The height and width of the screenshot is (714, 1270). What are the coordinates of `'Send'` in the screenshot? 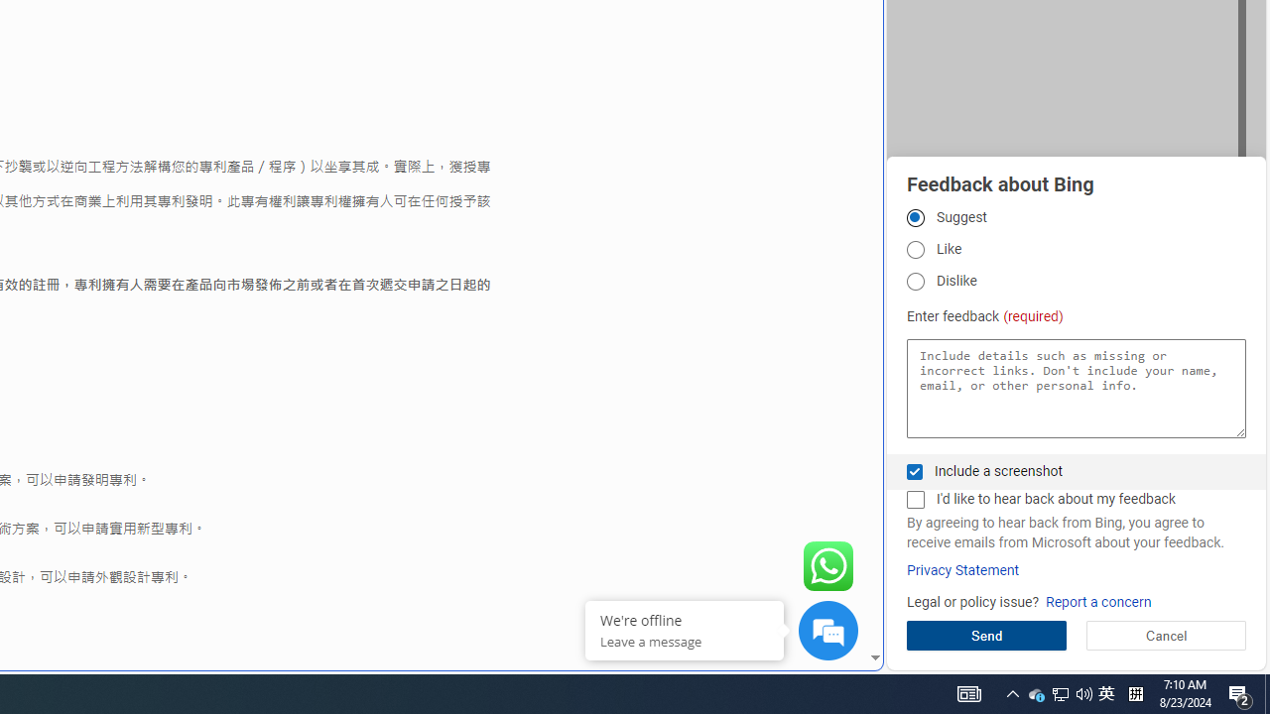 It's located at (986, 635).